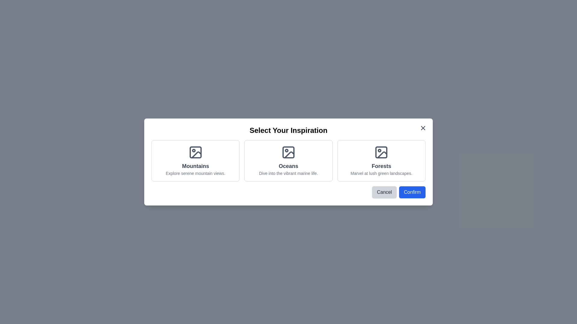  Describe the element at coordinates (384, 192) in the screenshot. I see `the 'Cancel' button located in the bottom right section of the modal dialog` at that location.